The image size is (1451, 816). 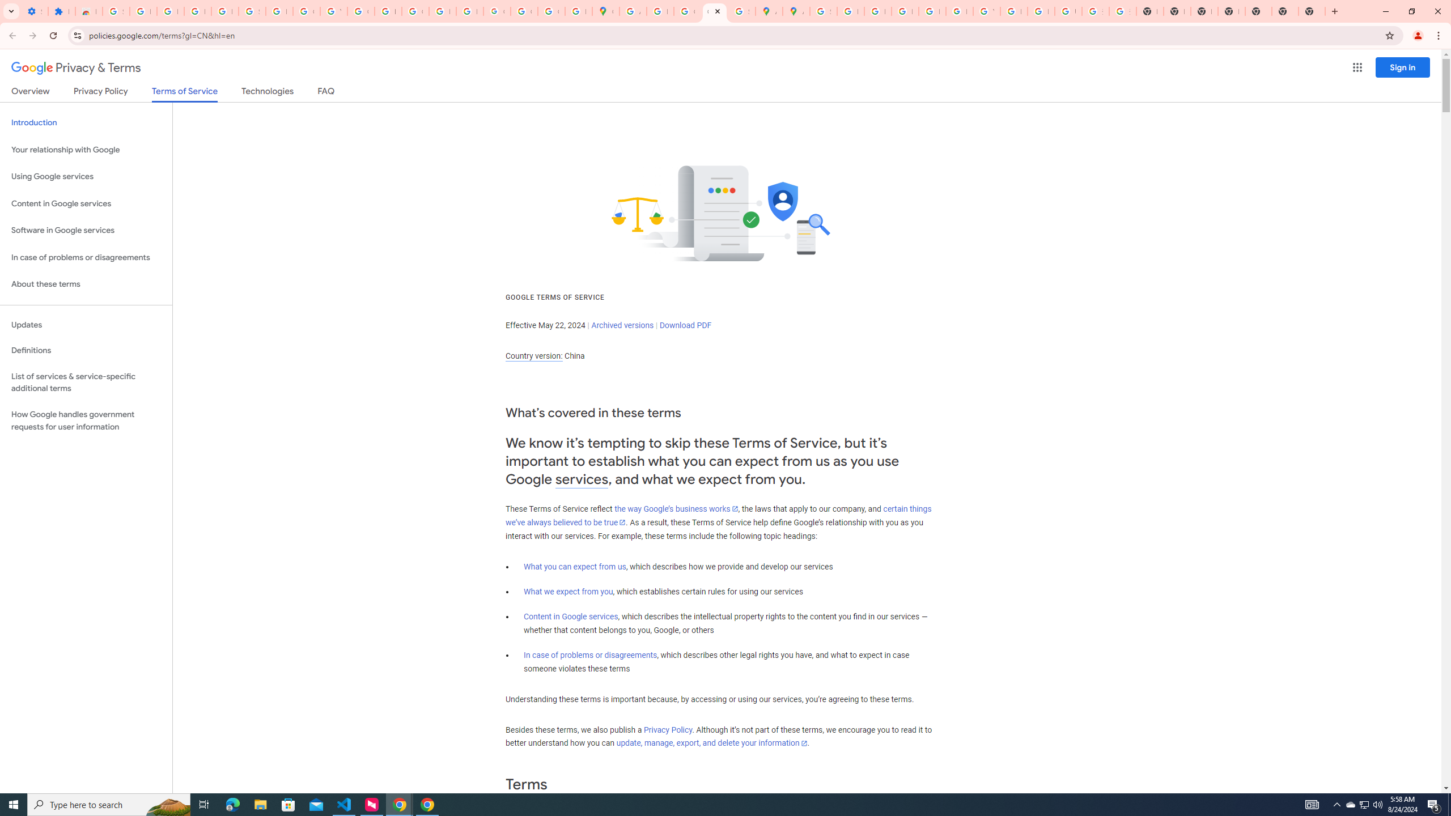 What do you see at coordinates (711, 742) in the screenshot?
I see `'update, manage, export, and delete your information'` at bounding box center [711, 742].